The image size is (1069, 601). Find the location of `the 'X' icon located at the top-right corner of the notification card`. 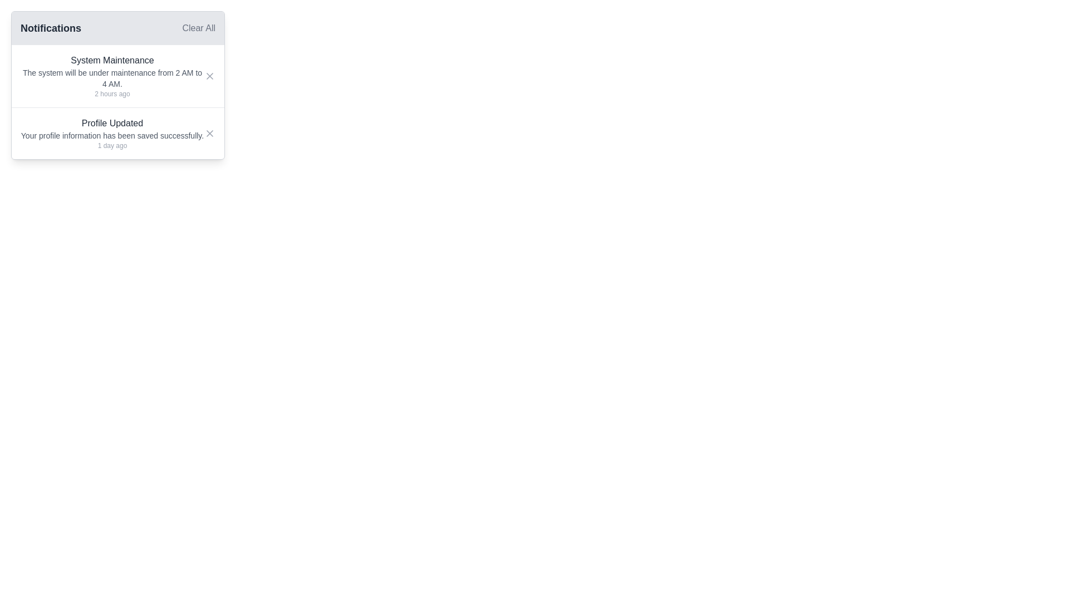

the 'X' icon located at the top-right corner of the notification card is located at coordinates (210, 132).